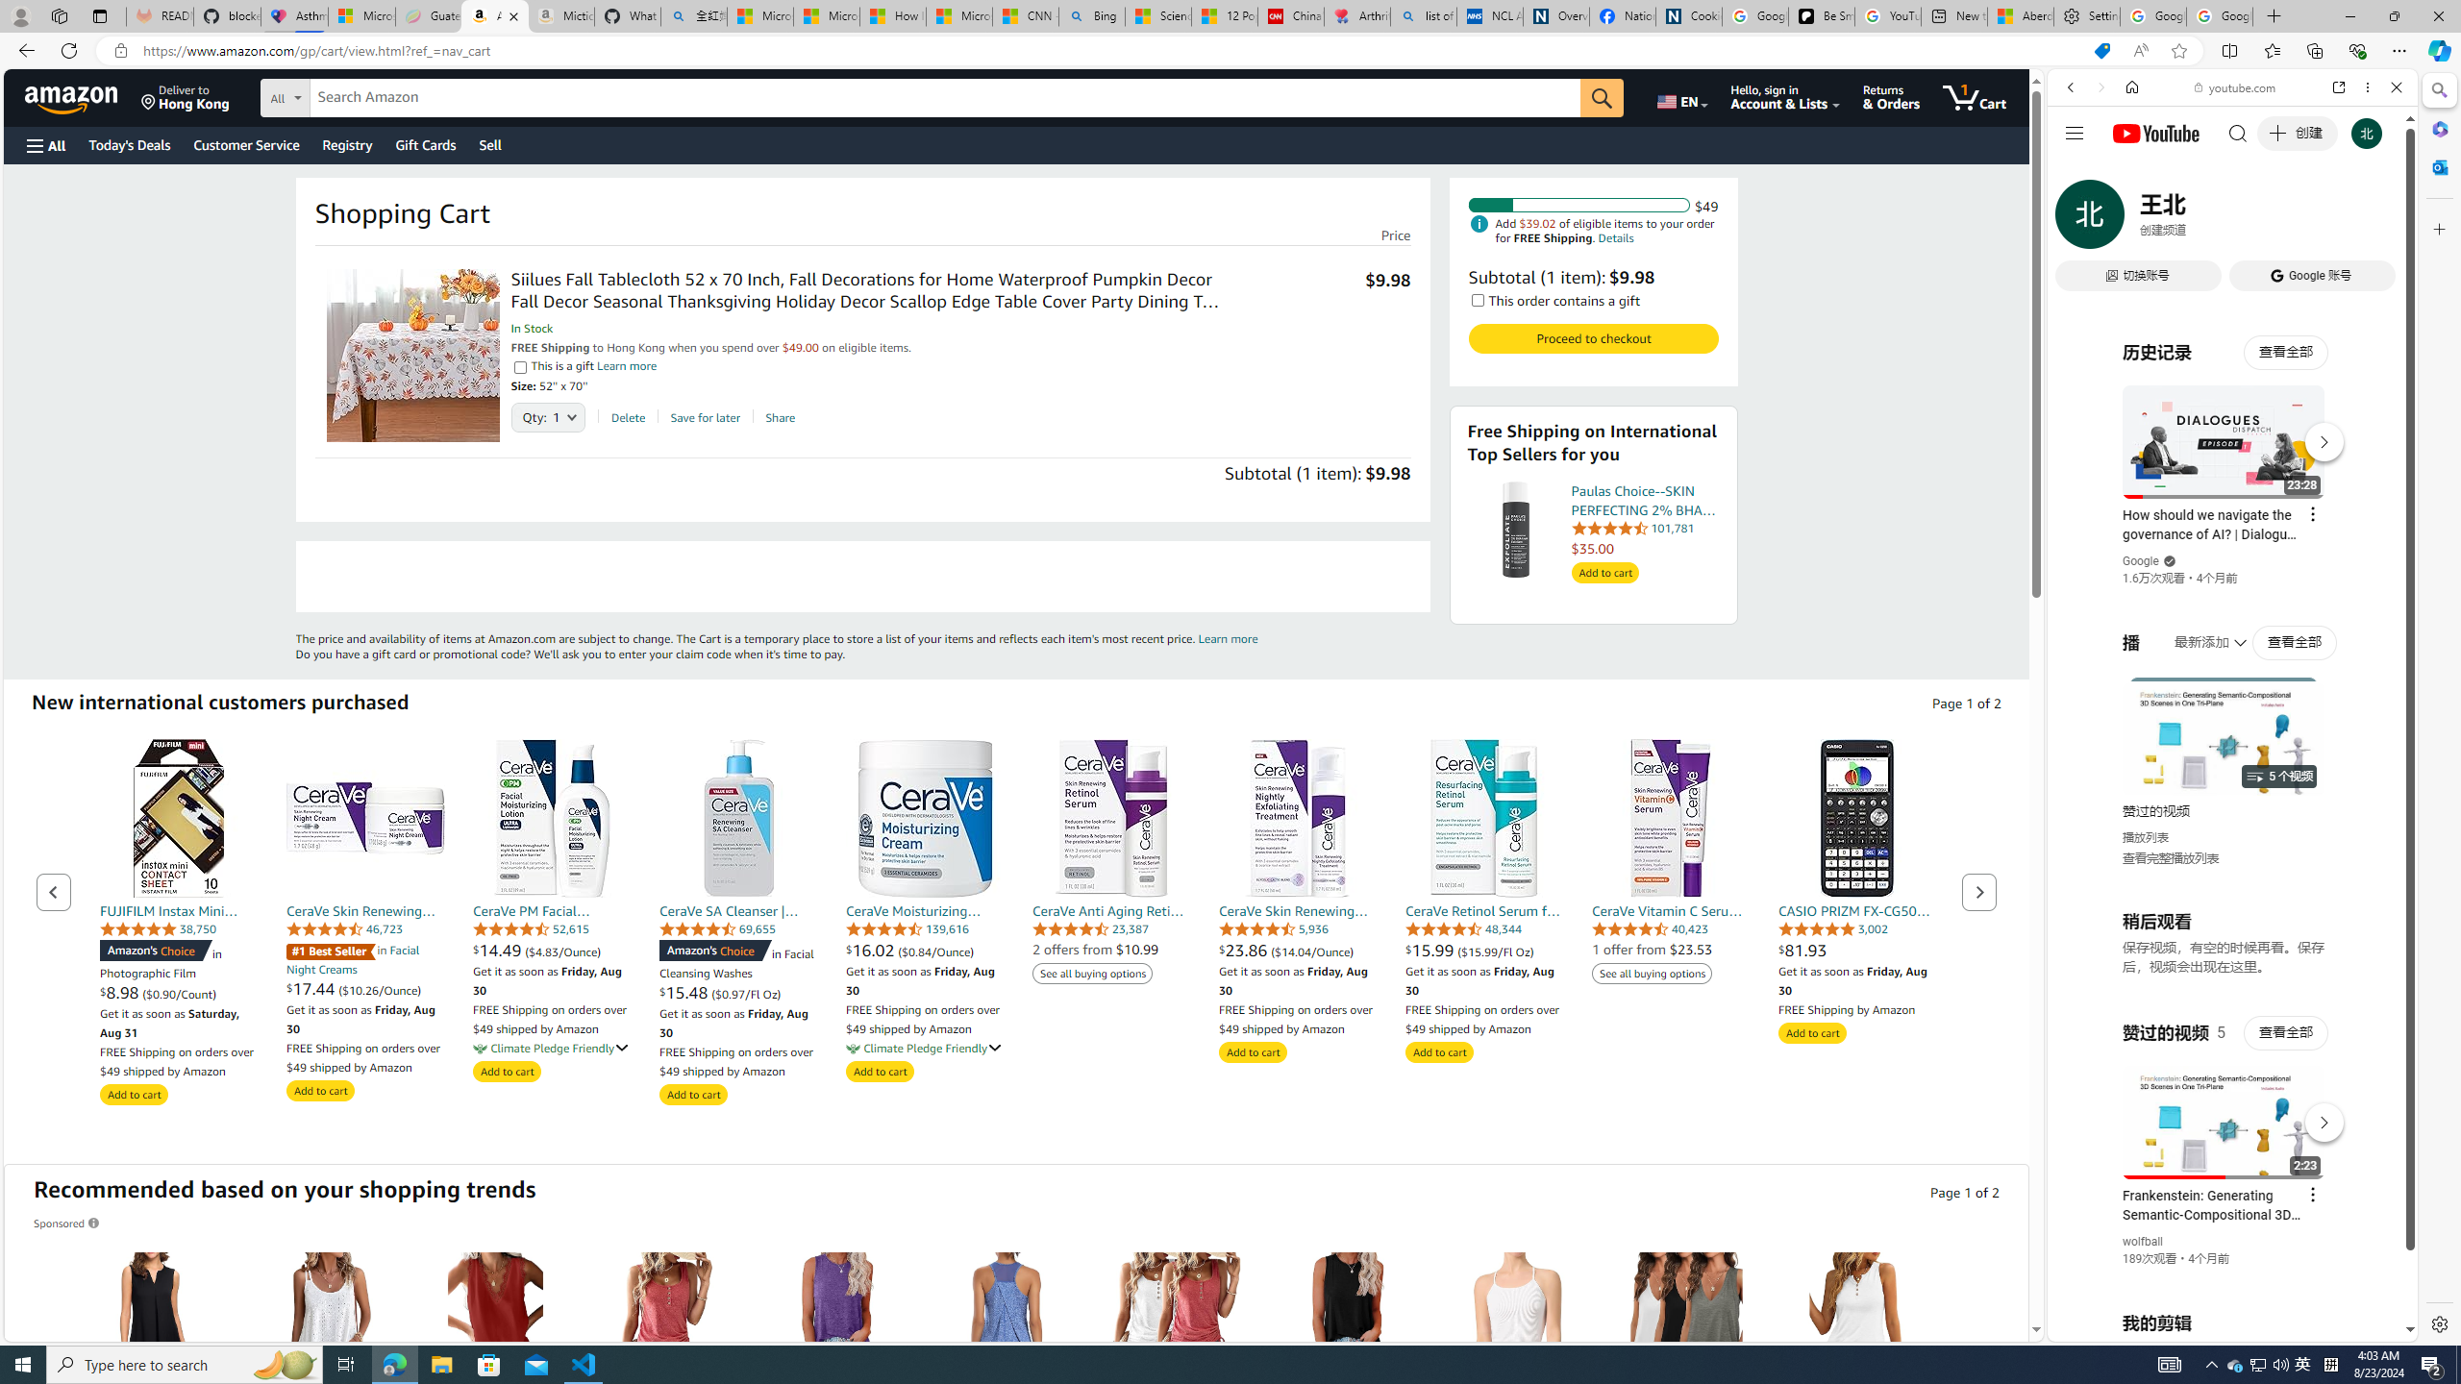  I want to click on 'Hello, sign in Account & Lists', so click(1786, 96).